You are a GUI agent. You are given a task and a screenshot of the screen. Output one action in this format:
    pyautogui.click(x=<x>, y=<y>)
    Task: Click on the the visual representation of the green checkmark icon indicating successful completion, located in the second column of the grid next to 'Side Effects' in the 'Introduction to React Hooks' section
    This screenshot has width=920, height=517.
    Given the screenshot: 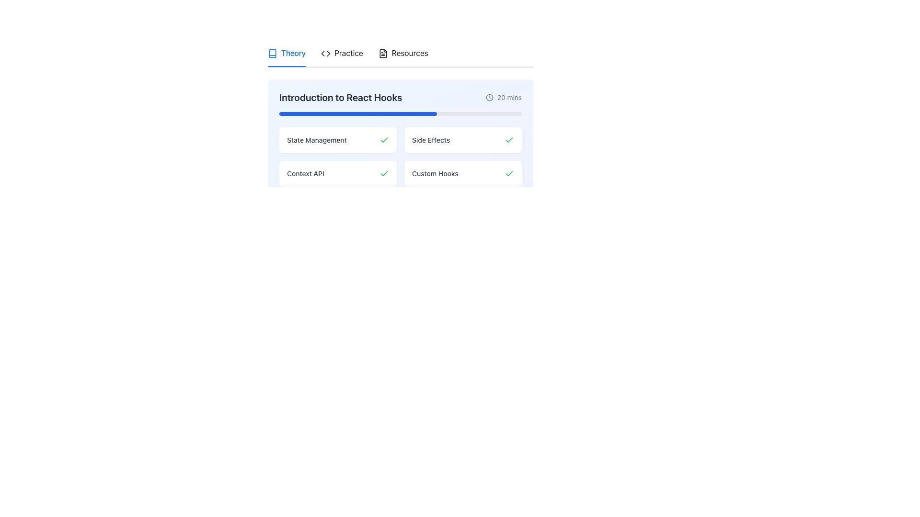 What is the action you would take?
    pyautogui.click(x=384, y=140)
    